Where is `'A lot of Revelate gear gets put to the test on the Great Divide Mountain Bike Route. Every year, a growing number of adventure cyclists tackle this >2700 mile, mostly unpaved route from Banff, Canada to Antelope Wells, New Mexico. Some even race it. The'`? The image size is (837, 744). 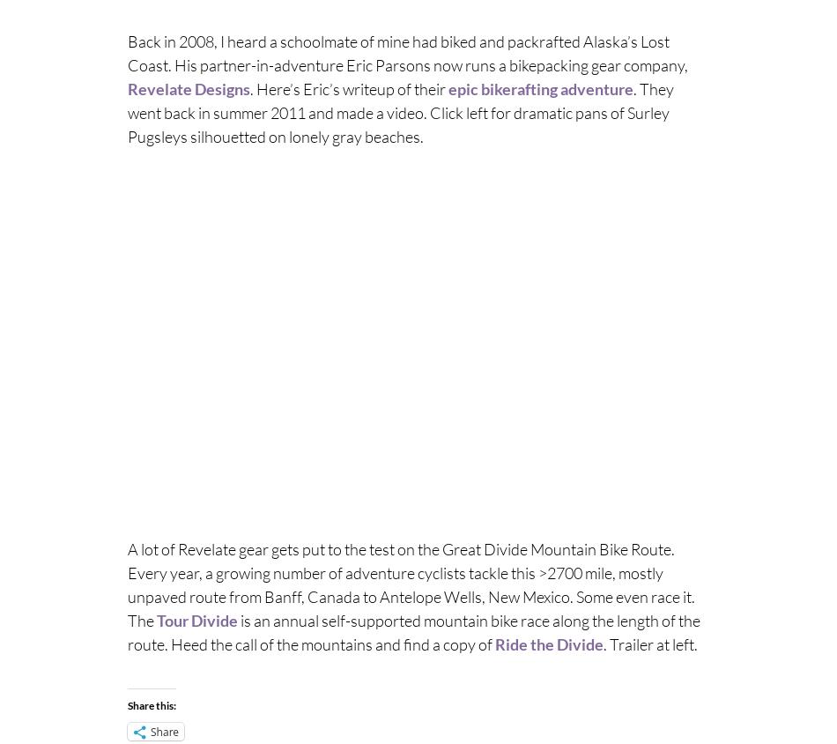 'A lot of Revelate gear gets put to the test on the Great Divide Mountain Bike Route. Every year, a growing number of adventure cyclists tackle this >2700 mile, mostly unpaved route from Banff, Canada to Antelope Wells, New Mexico. Some even race it. The' is located at coordinates (127, 583).